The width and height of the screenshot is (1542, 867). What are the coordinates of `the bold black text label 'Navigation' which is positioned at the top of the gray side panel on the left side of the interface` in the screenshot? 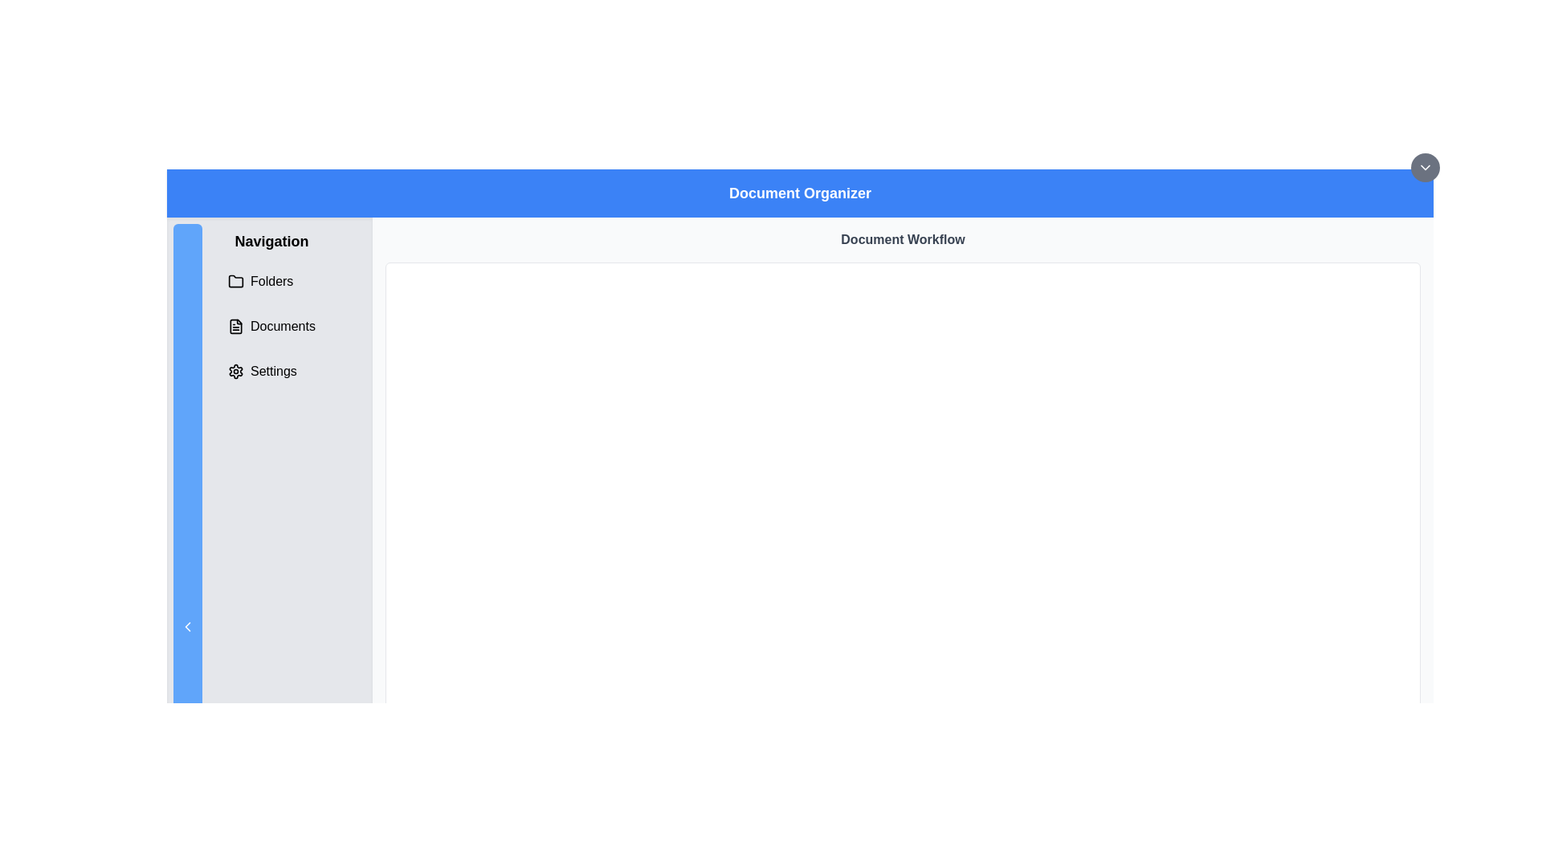 It's located at (271, 241).